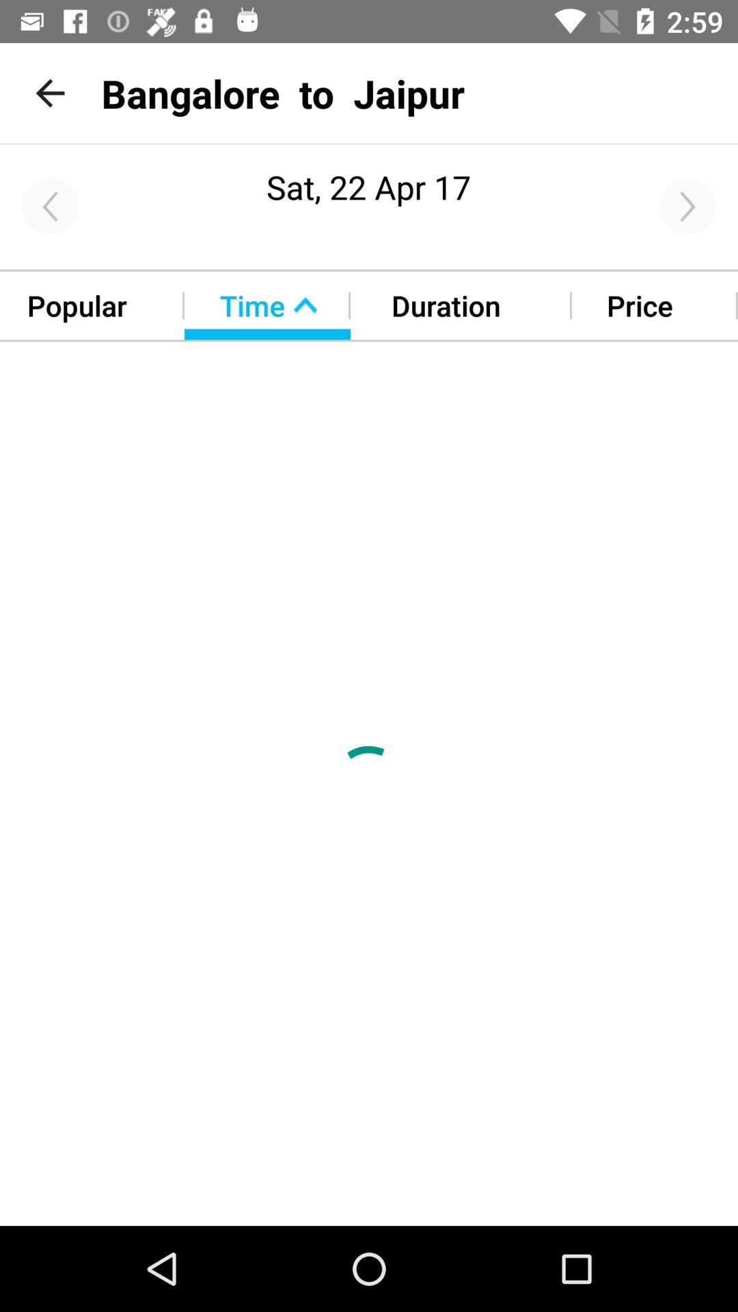 This screenshot has width=738, height=1312. What do you see at coordinates (687, 206) in the screenshot?
I see `the arrow_forward icon` at bounding box center [687, 206].